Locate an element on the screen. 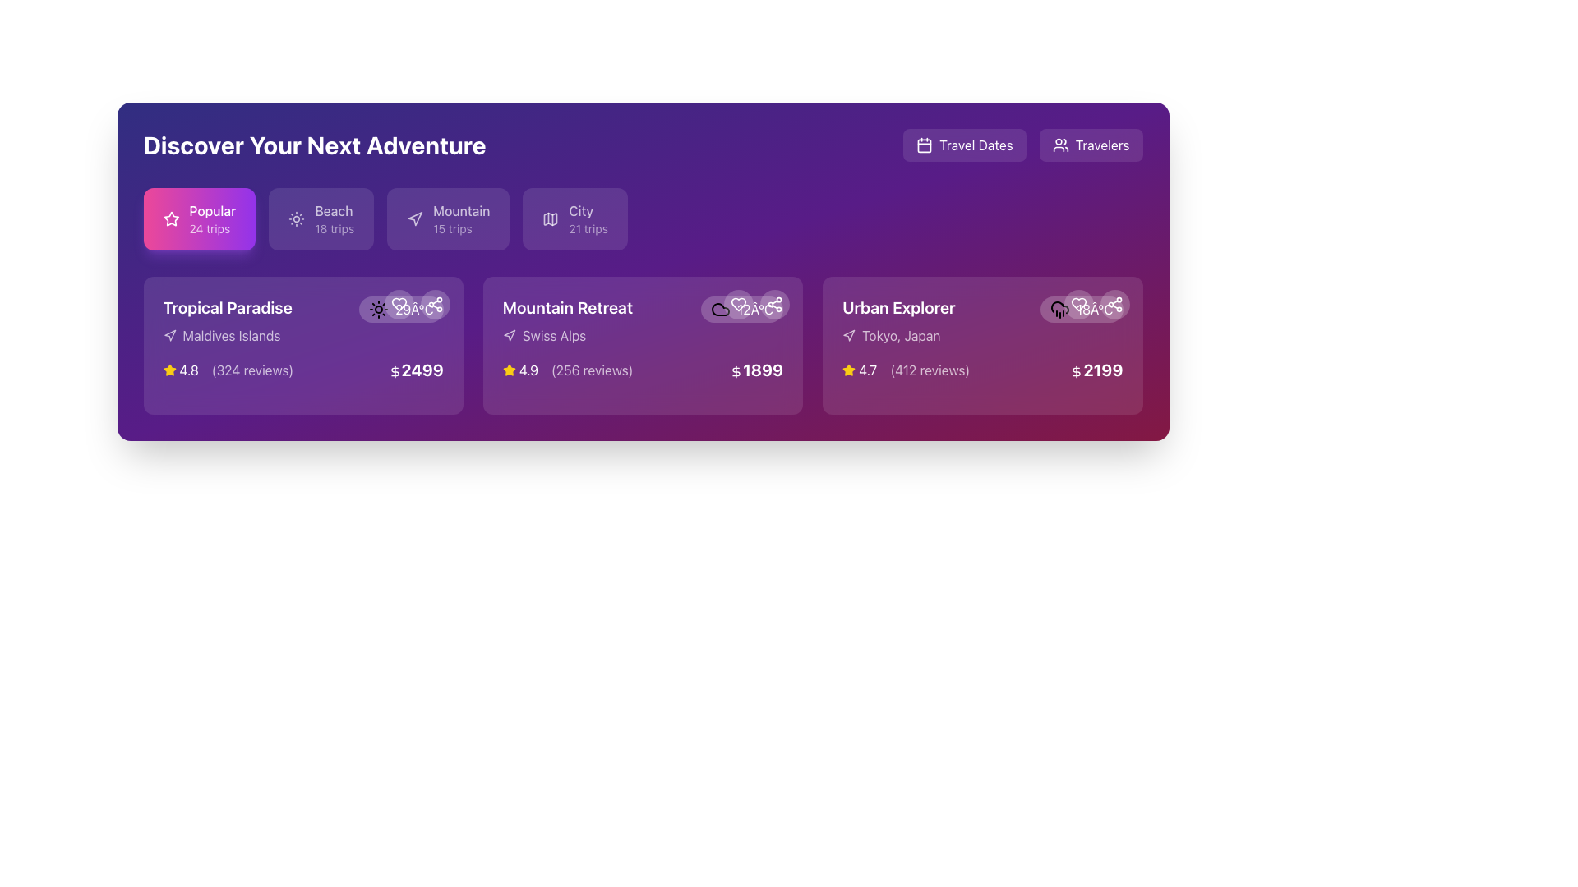  the decorative rectangle inside the calendar icon located near the top-right corner of the interface next to the 'Travel Dates' label is located at coordinates (925, 145).